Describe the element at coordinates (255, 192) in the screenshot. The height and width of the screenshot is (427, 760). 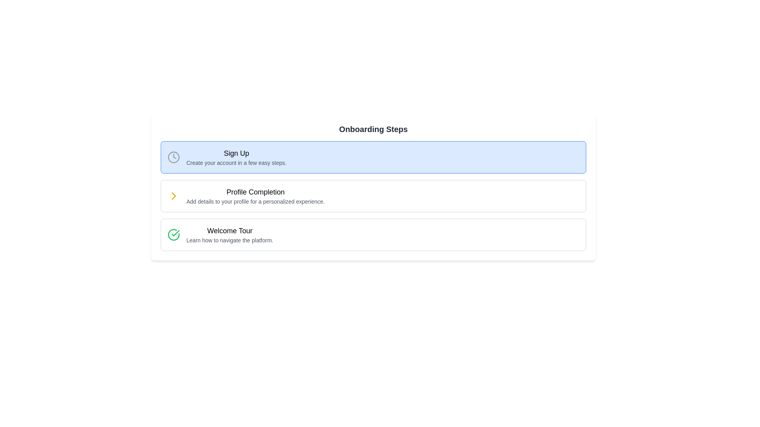
I see `text label displaying 'Profile Completion' which is positioned above the descriptive text in the 'Onboarding Steps' section` at that location.